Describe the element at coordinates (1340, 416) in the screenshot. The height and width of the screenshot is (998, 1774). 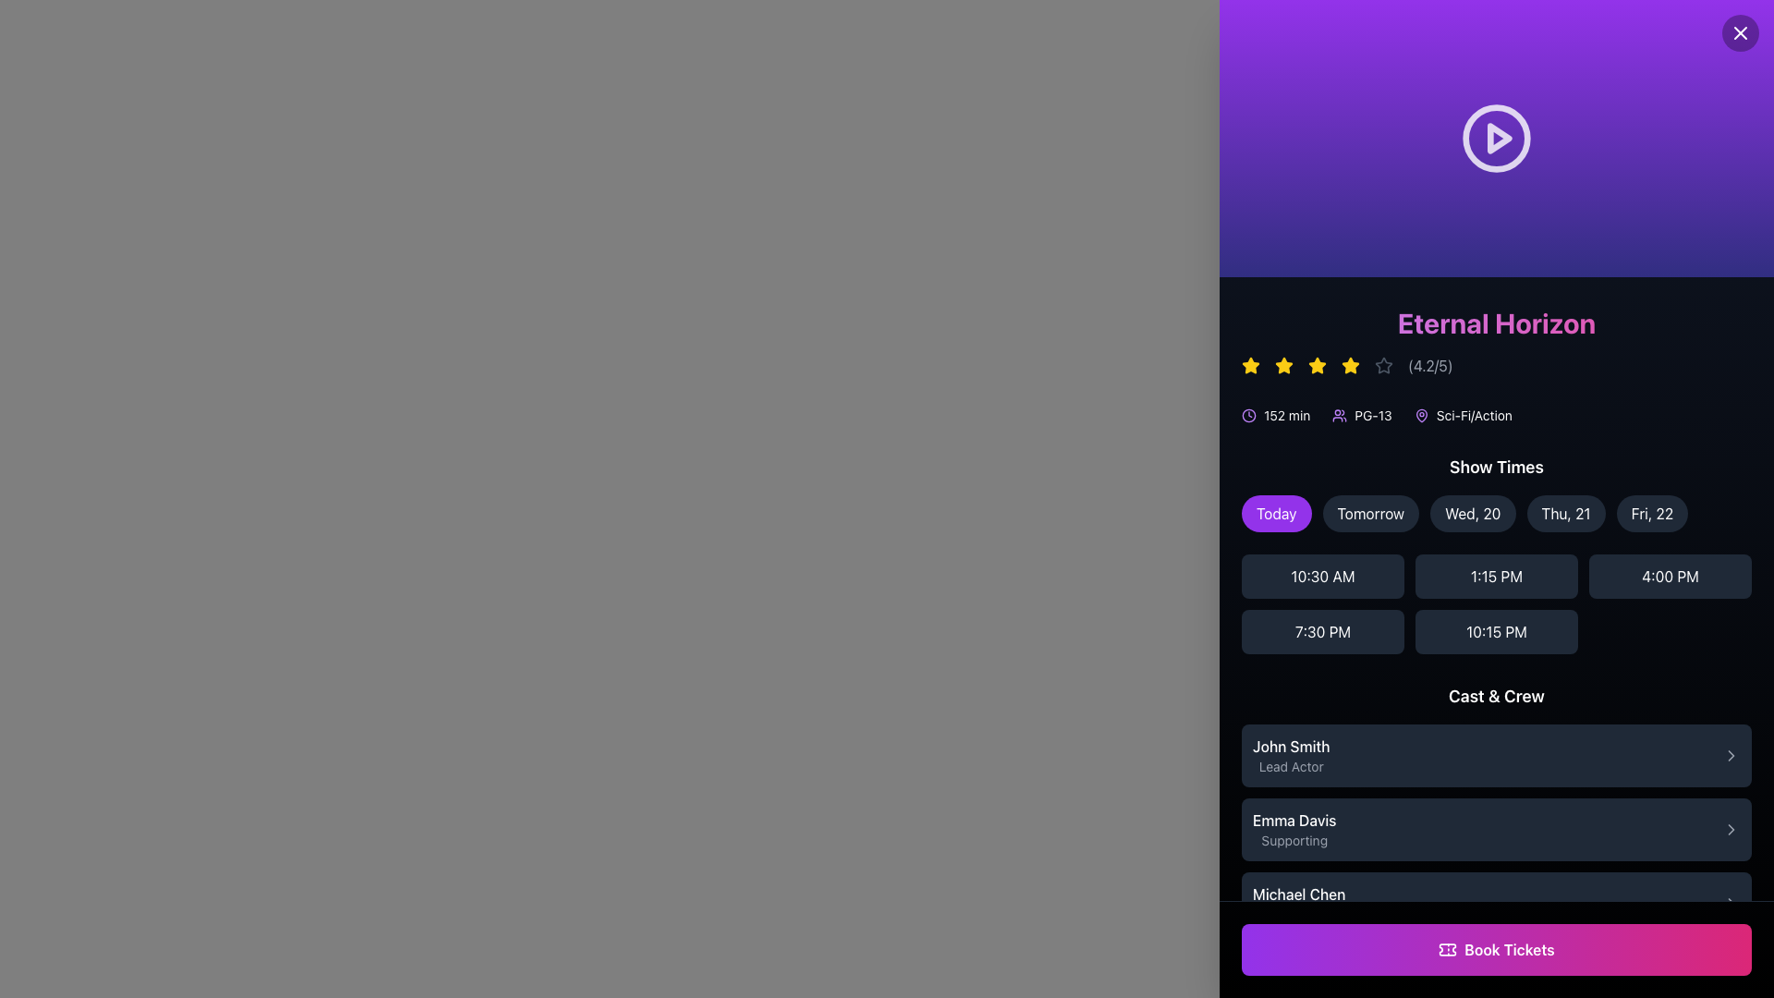
I see `the icon represented by two stylized user silhouettes, colored purple, located to the immediate left of the text 'PG-13' under the title 'Eternal Horizon'` at that location.